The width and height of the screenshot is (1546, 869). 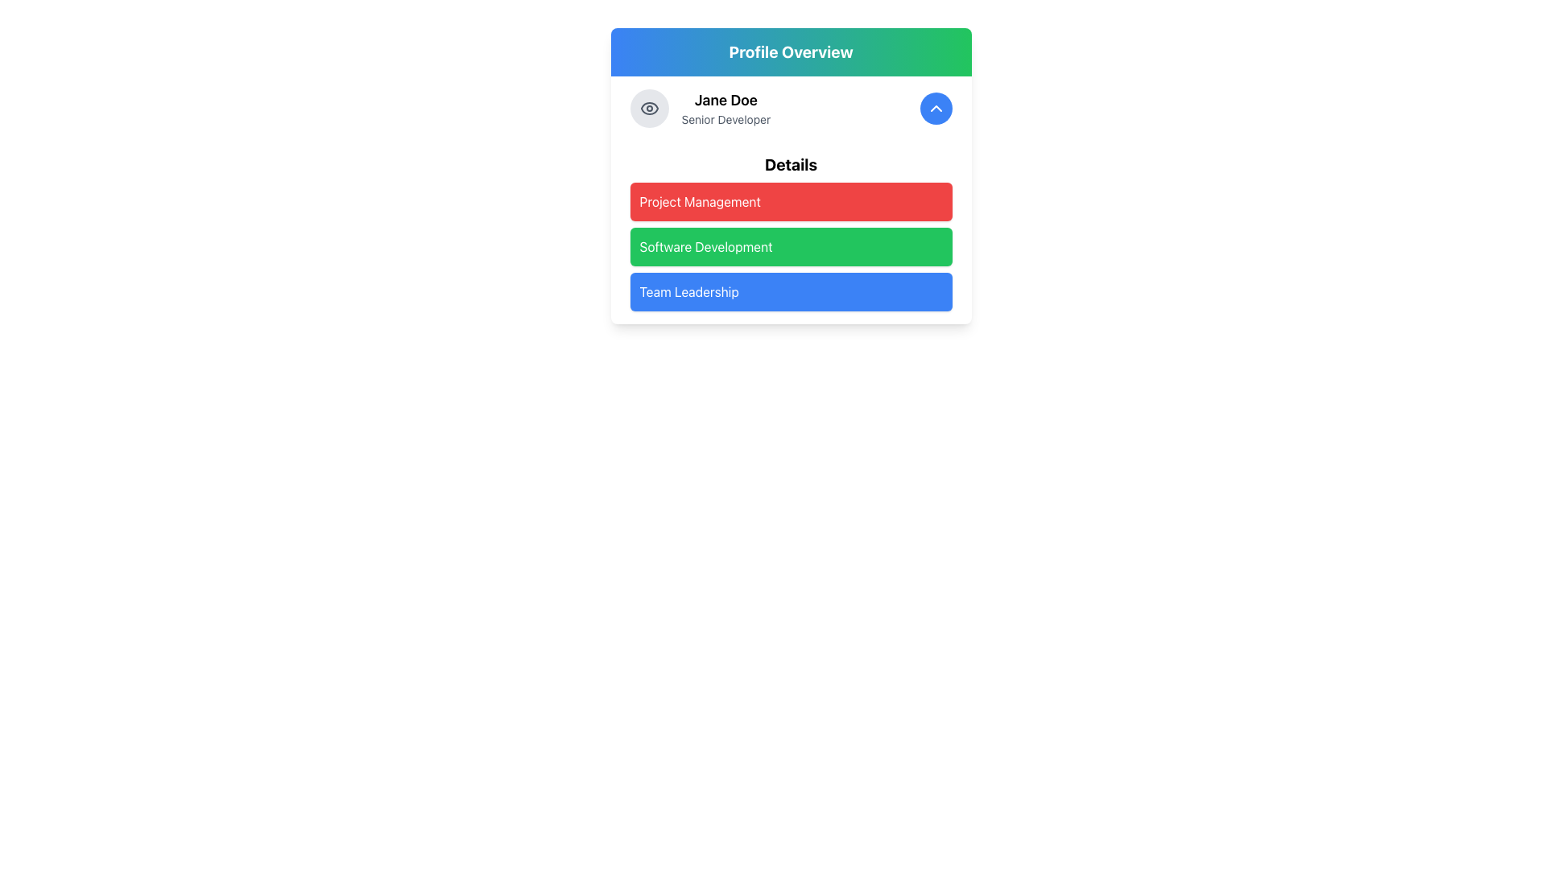 I want to click on the green button labeled 'Software Development', so click(x=791, y=233).